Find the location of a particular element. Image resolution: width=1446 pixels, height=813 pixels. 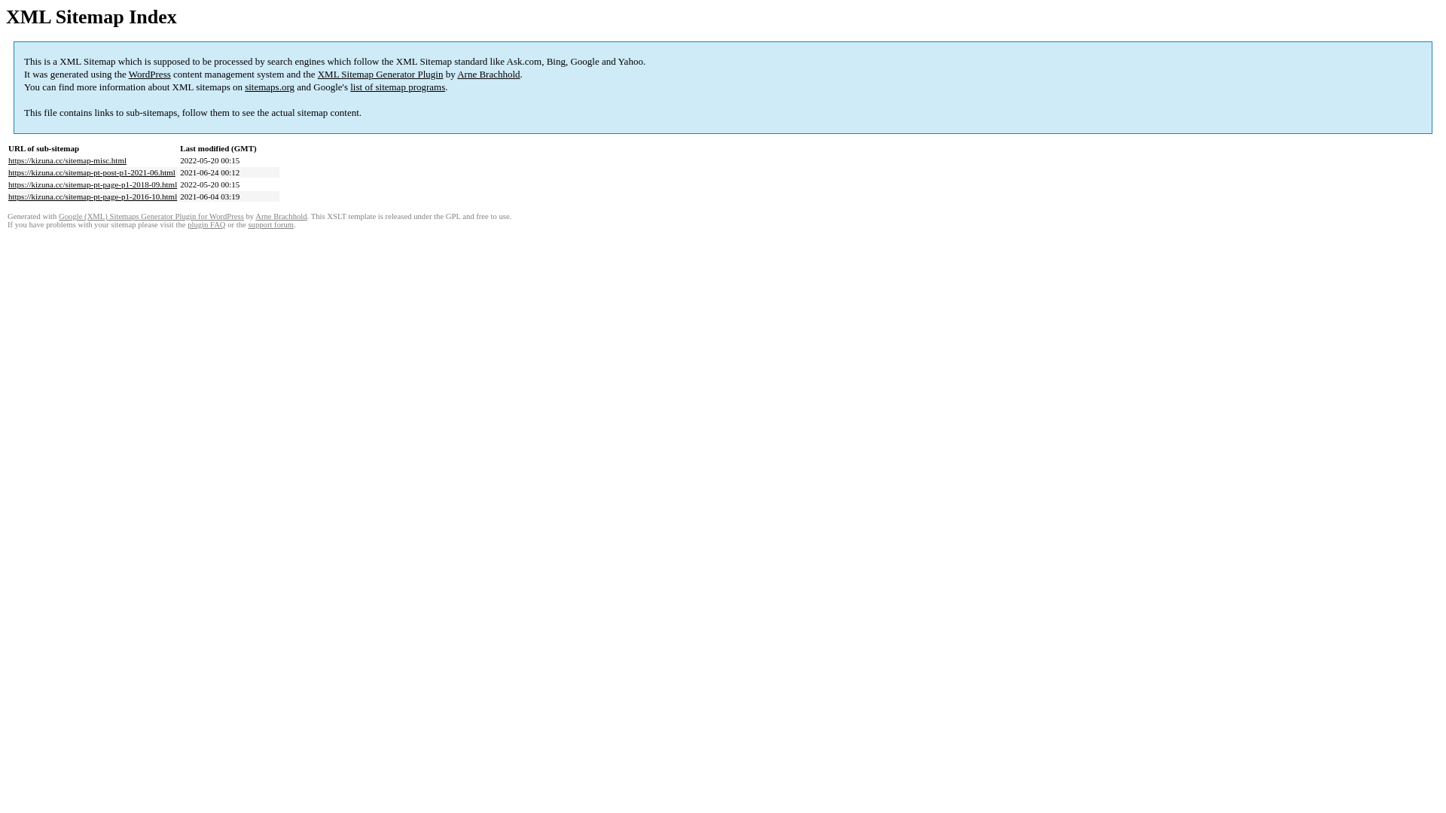

'https://kizuna.cc/sitemap-pt-page-p1-2016-10.html' is located at coordinates (92, 196).